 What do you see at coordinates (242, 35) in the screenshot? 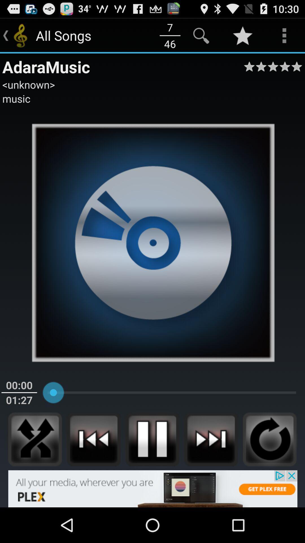
I see `symbol beside to search symbol` at bounding box center [242, 35].